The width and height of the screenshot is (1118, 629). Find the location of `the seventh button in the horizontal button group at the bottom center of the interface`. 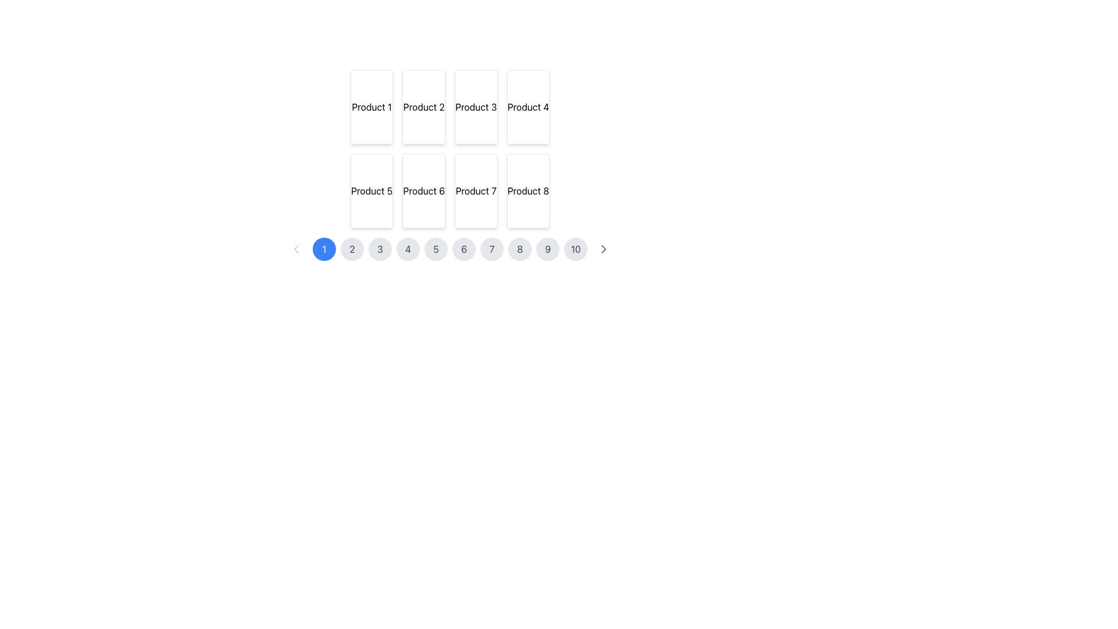

the seventh button in the horizontal button group at the bottom center of the interface is located at coordinates (491, 249).